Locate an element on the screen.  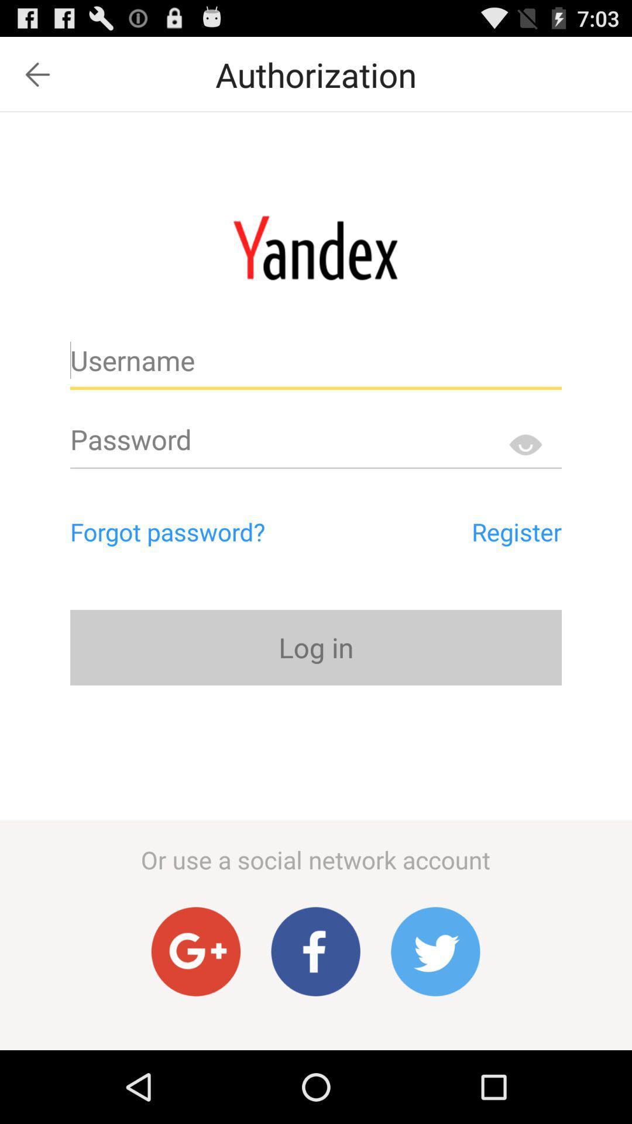
the item next to forgot password? app is located at coordinates (462, 531).